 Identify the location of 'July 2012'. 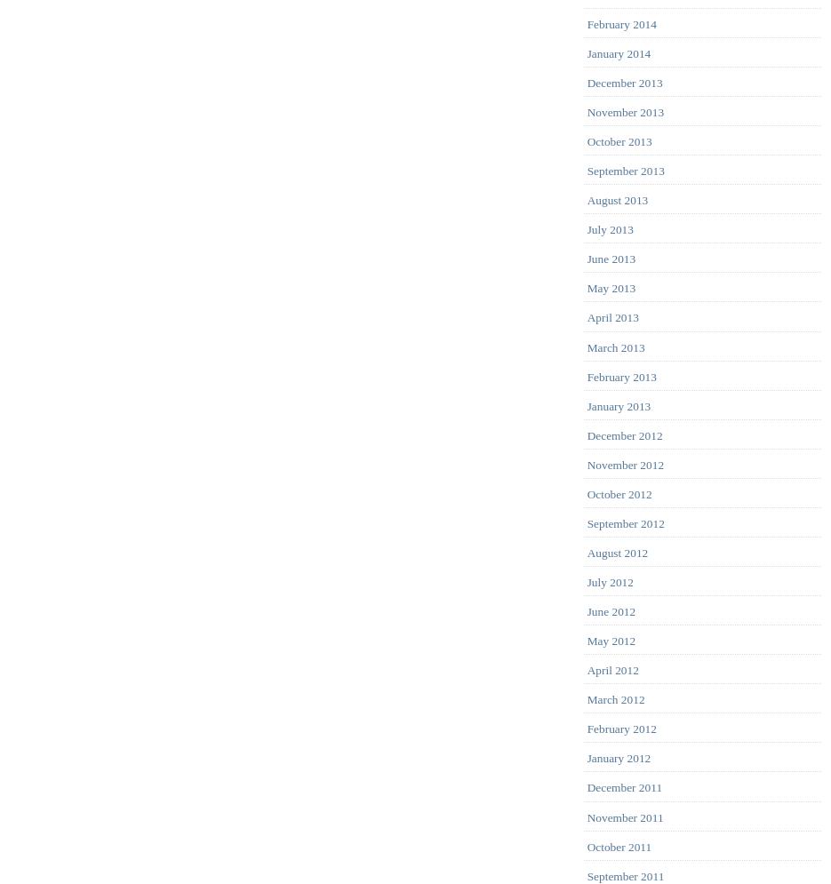
(609, 581).